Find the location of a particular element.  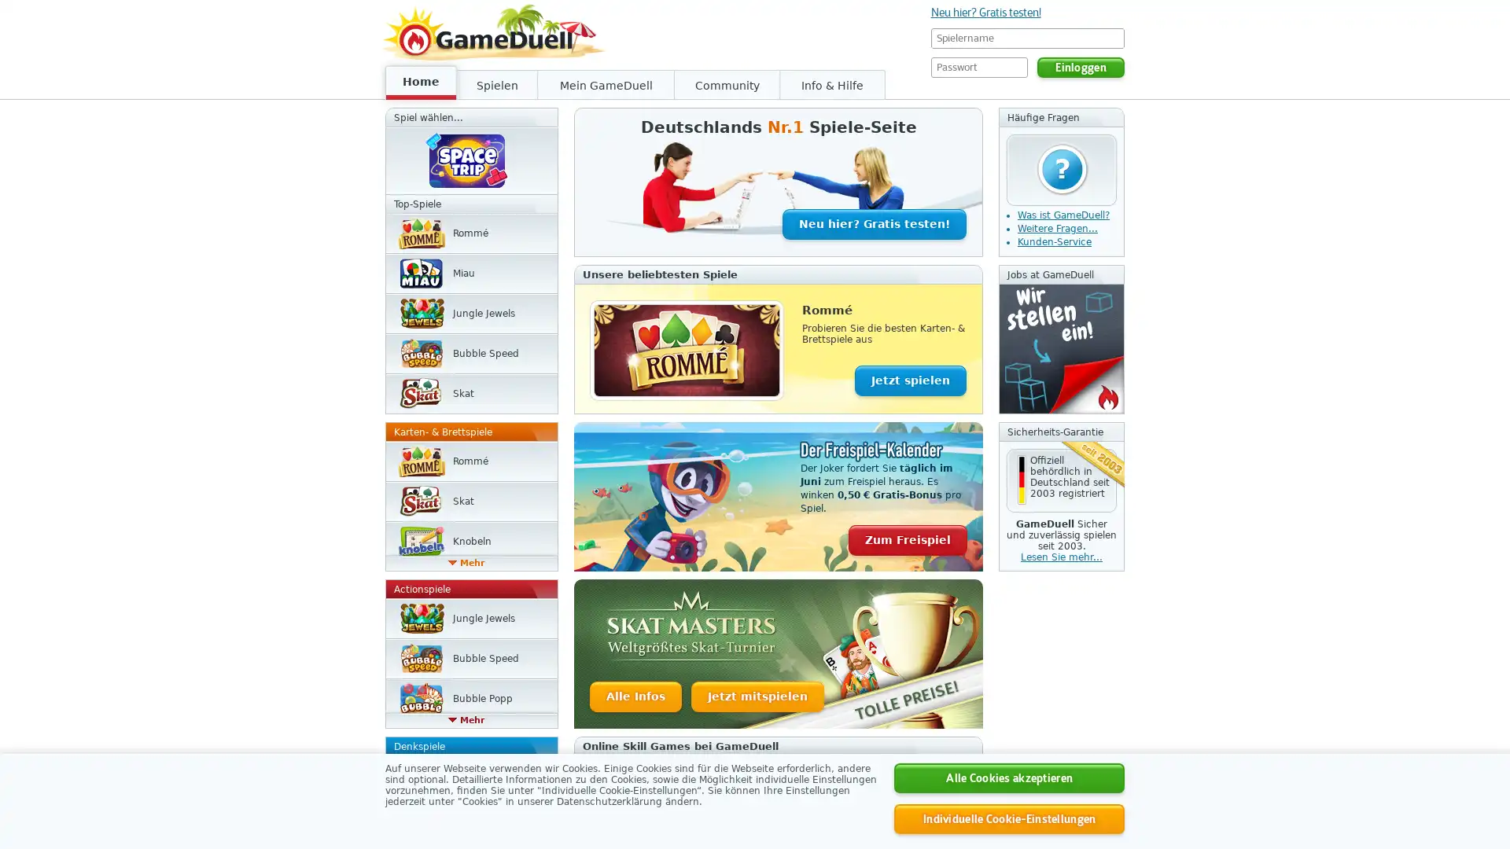

Individuelle Cookie-Einstellungen is located at coordinates (1009, 818).